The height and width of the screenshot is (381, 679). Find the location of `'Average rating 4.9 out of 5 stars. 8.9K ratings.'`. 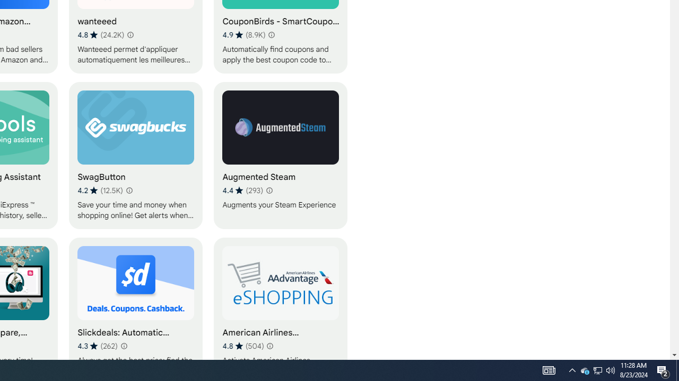

'Average rating 4.9 out of 5 stars. 8.9K ratings.' is located at coordinates (243, 34).